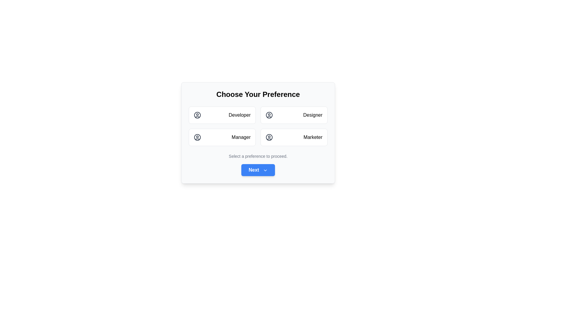  Describe the element at coordinates (197, 137) in the screenshot. I see `the SVG Icon representing the 'Manager' preference option located in the top-left corner of its option box` at that location.